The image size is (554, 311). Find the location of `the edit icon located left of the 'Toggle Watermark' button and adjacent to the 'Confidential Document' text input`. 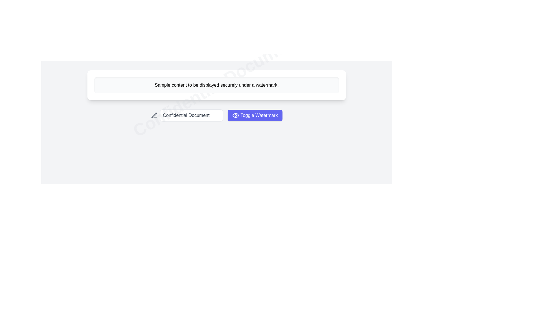

the edit icon located left of the 'Toggle Watermark' button and adjacent to the 'Confidential Document' text input is located at coordinates (154, 115).